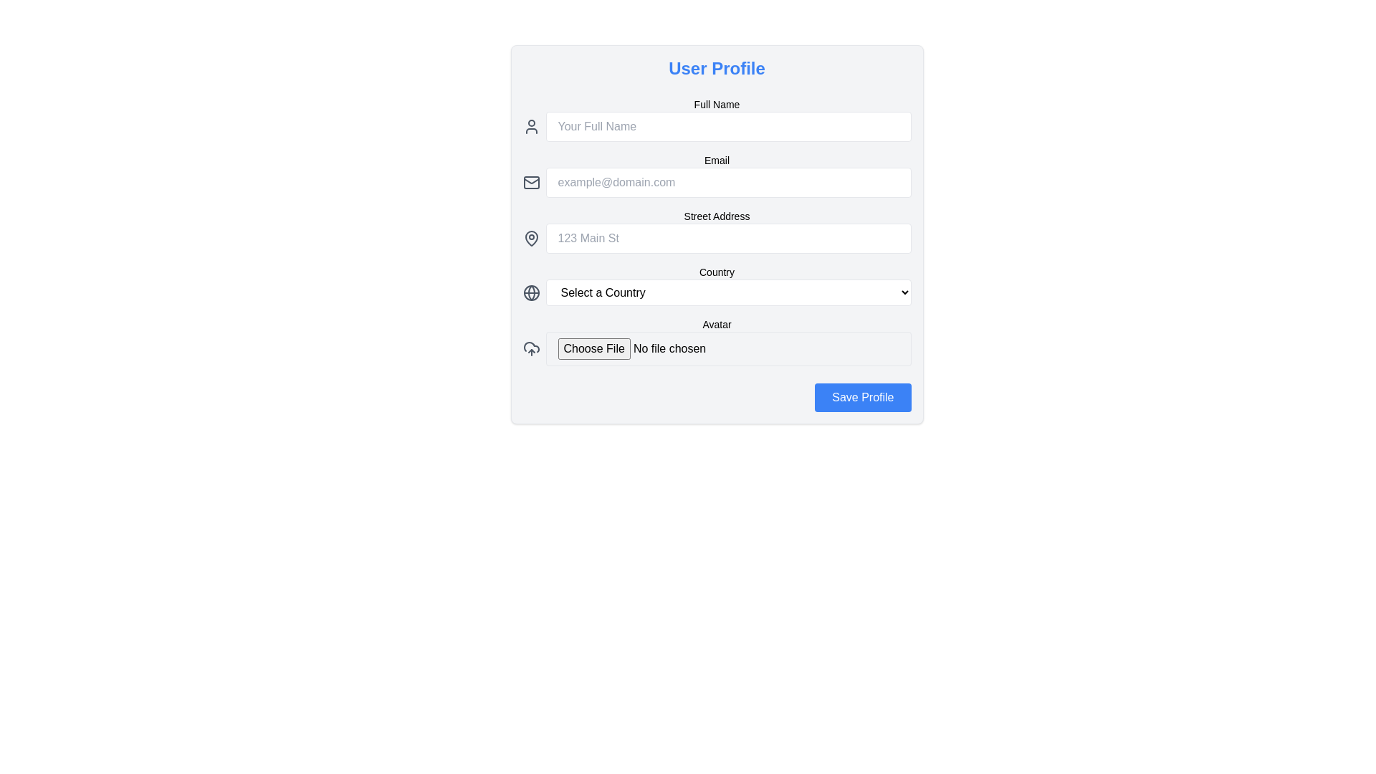 This screenshot has width=1376, height=774. I want to click on an option from the Dropdown menu located as the fourth input field in the form, positioned below the 'Street Address' field and above the 'Avatar' field, so click(717, 285).